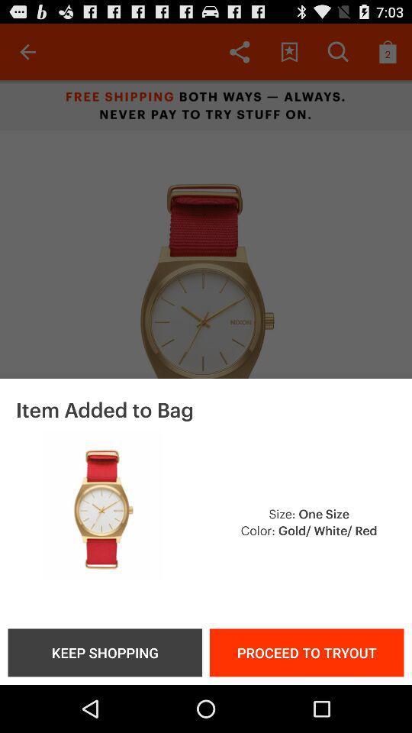 This screenshot has width=412, height=733. What do you see at coordinates (307, 651) in the screenshot?
I see `proceed to tryout icon` at bounding box center [307, 651].